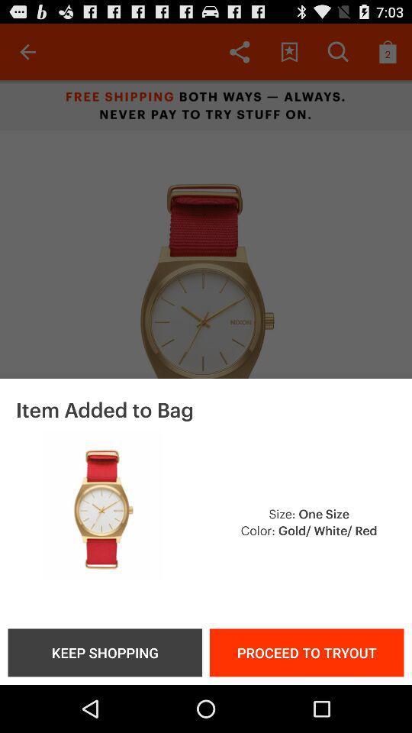 This screenshot has width=412, height=733. What do you see at coordinates (307, 651) in the screenshot?
I see `proceed to tryout icon` at bounding box center [307, 651].